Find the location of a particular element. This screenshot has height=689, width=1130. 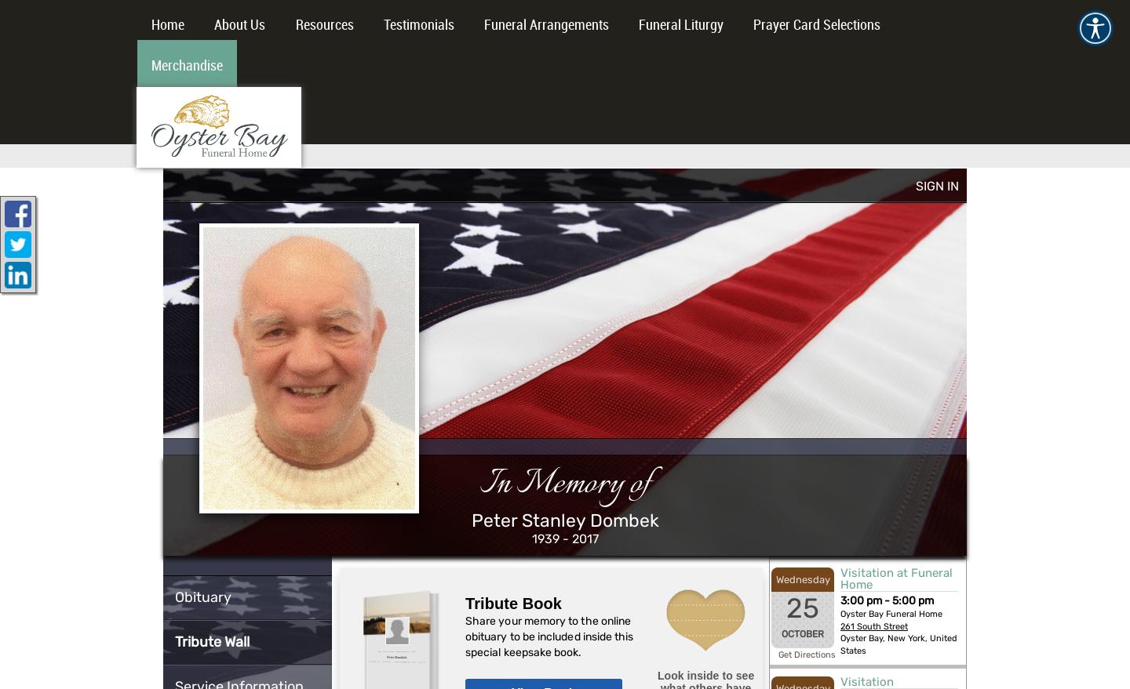

'Tribute Book' is located at coordinates (512, 603).